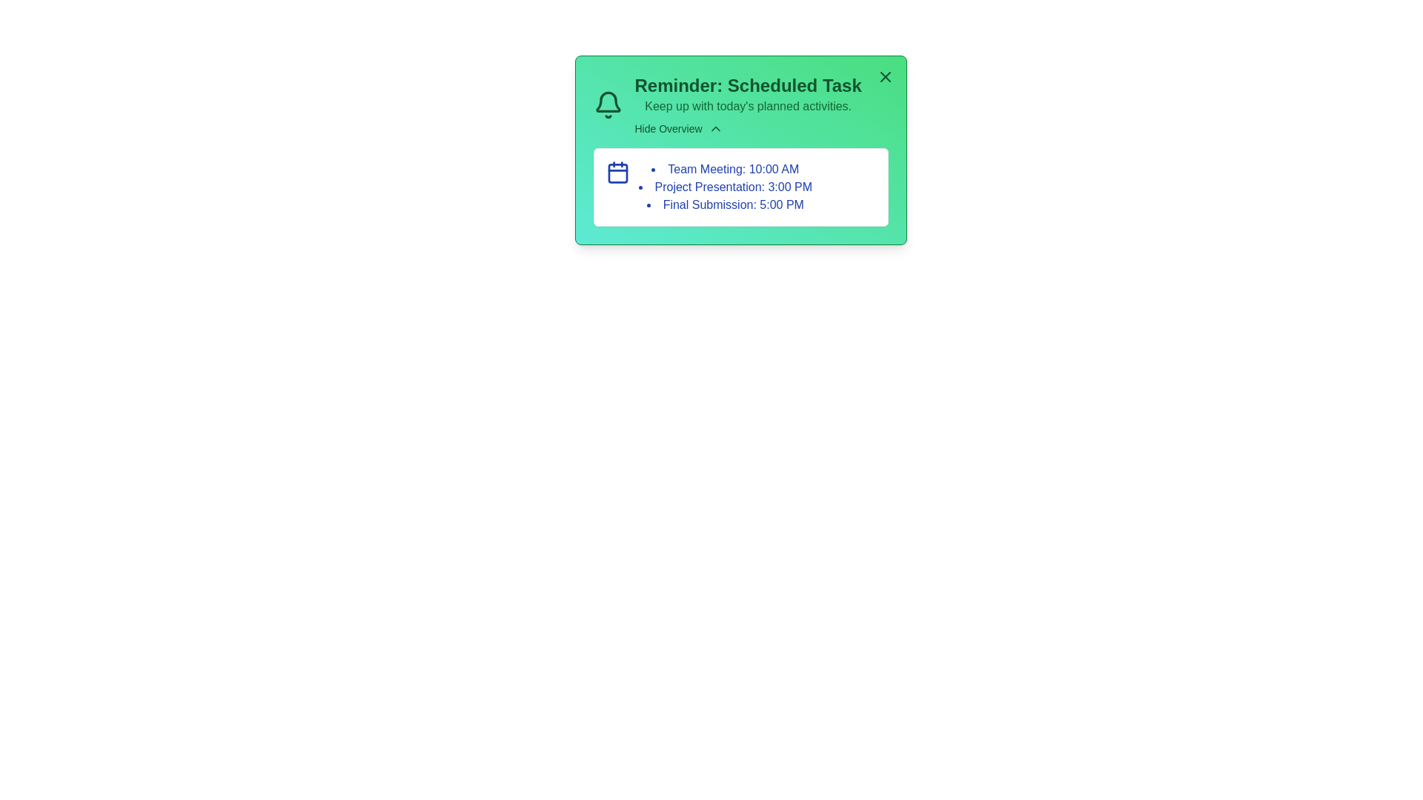 This screenshot has width=1423, height=800. Describe the element at coordinates (608, 104) in the screenshot. I see `the reminder icon by clicking on it` at that location.